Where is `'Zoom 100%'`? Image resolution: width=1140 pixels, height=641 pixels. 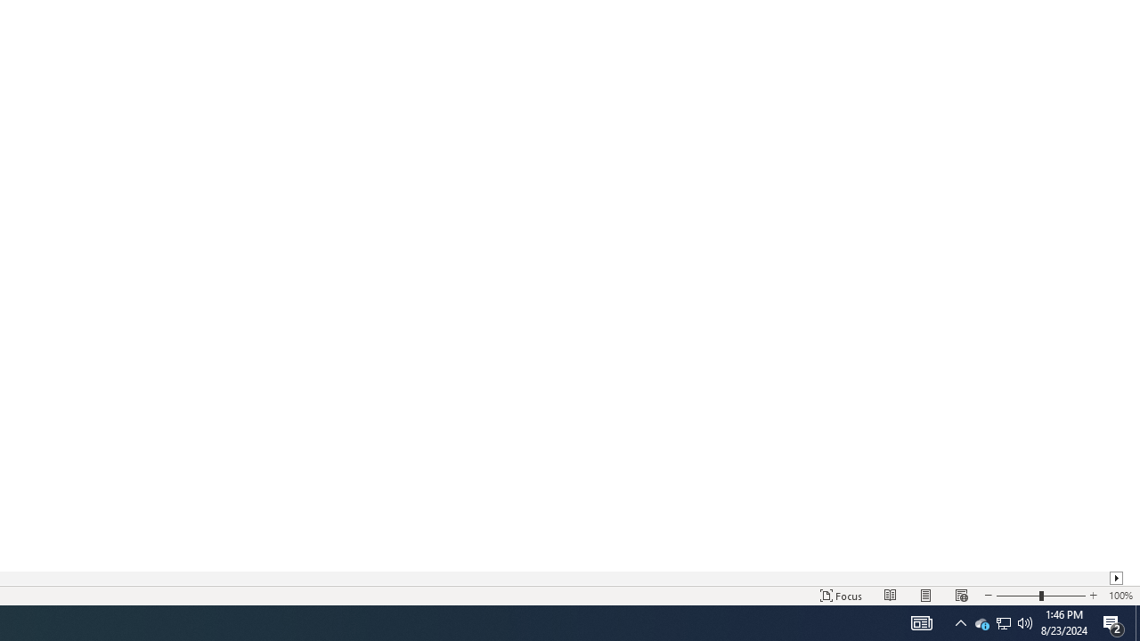 'Zoom 100%' is located at coordinates (1120, 596).